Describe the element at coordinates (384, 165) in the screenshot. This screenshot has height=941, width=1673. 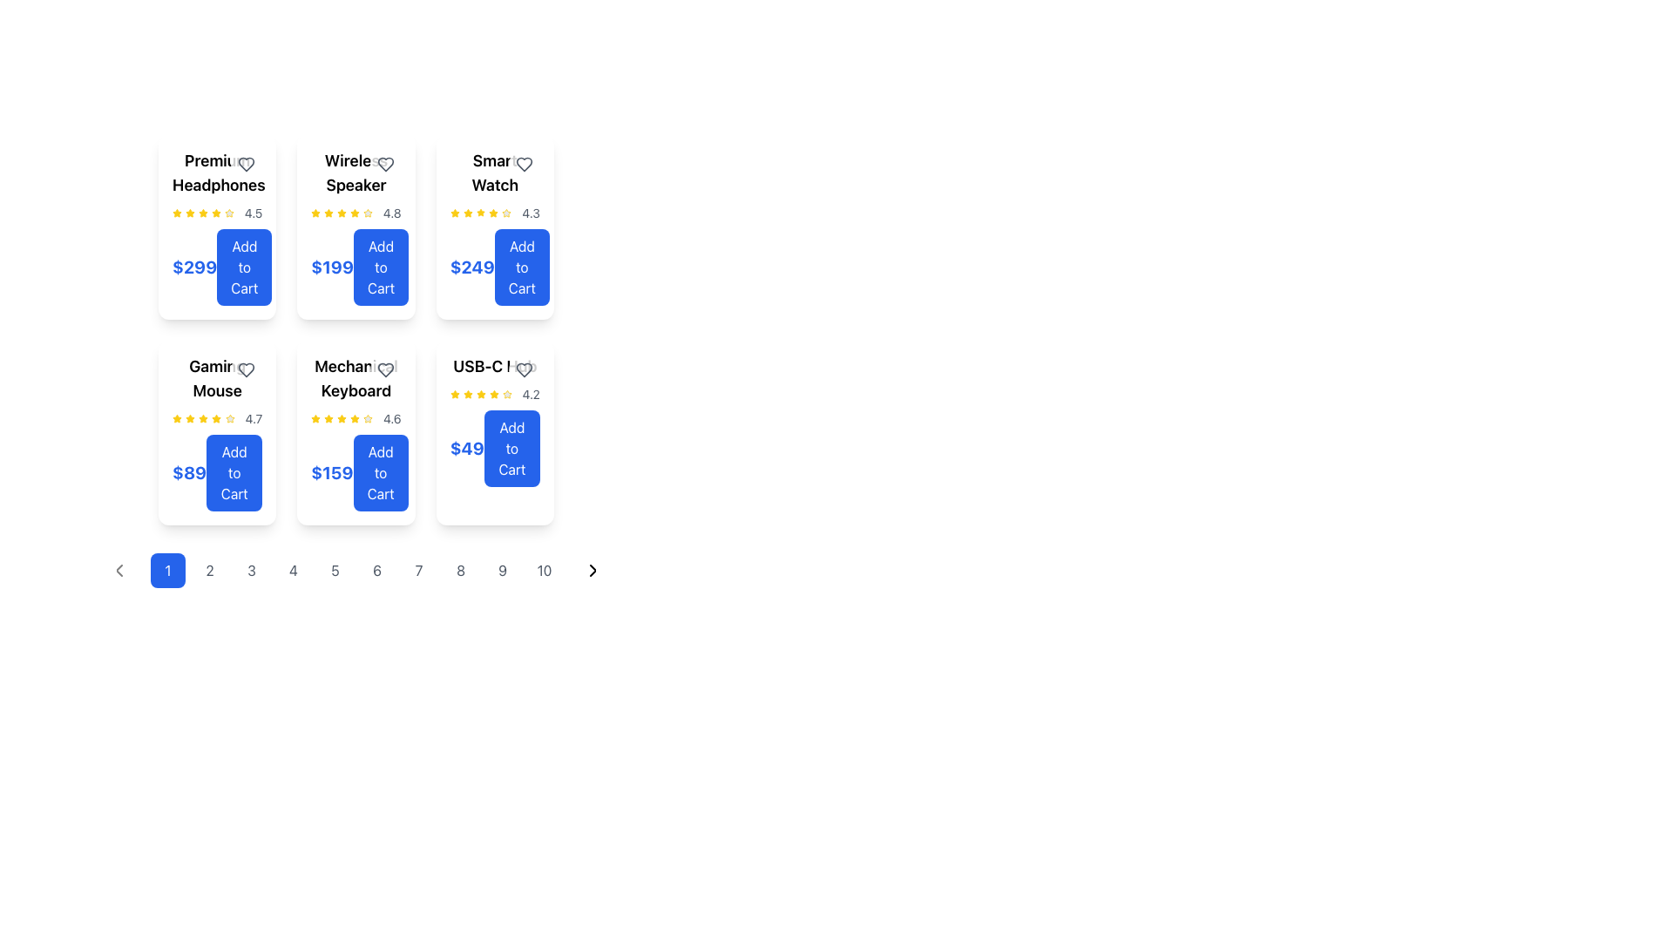
I see `the favorite button (heart icon) located at the top-right corner of the 'Wireless Speaker' product card` at that location.